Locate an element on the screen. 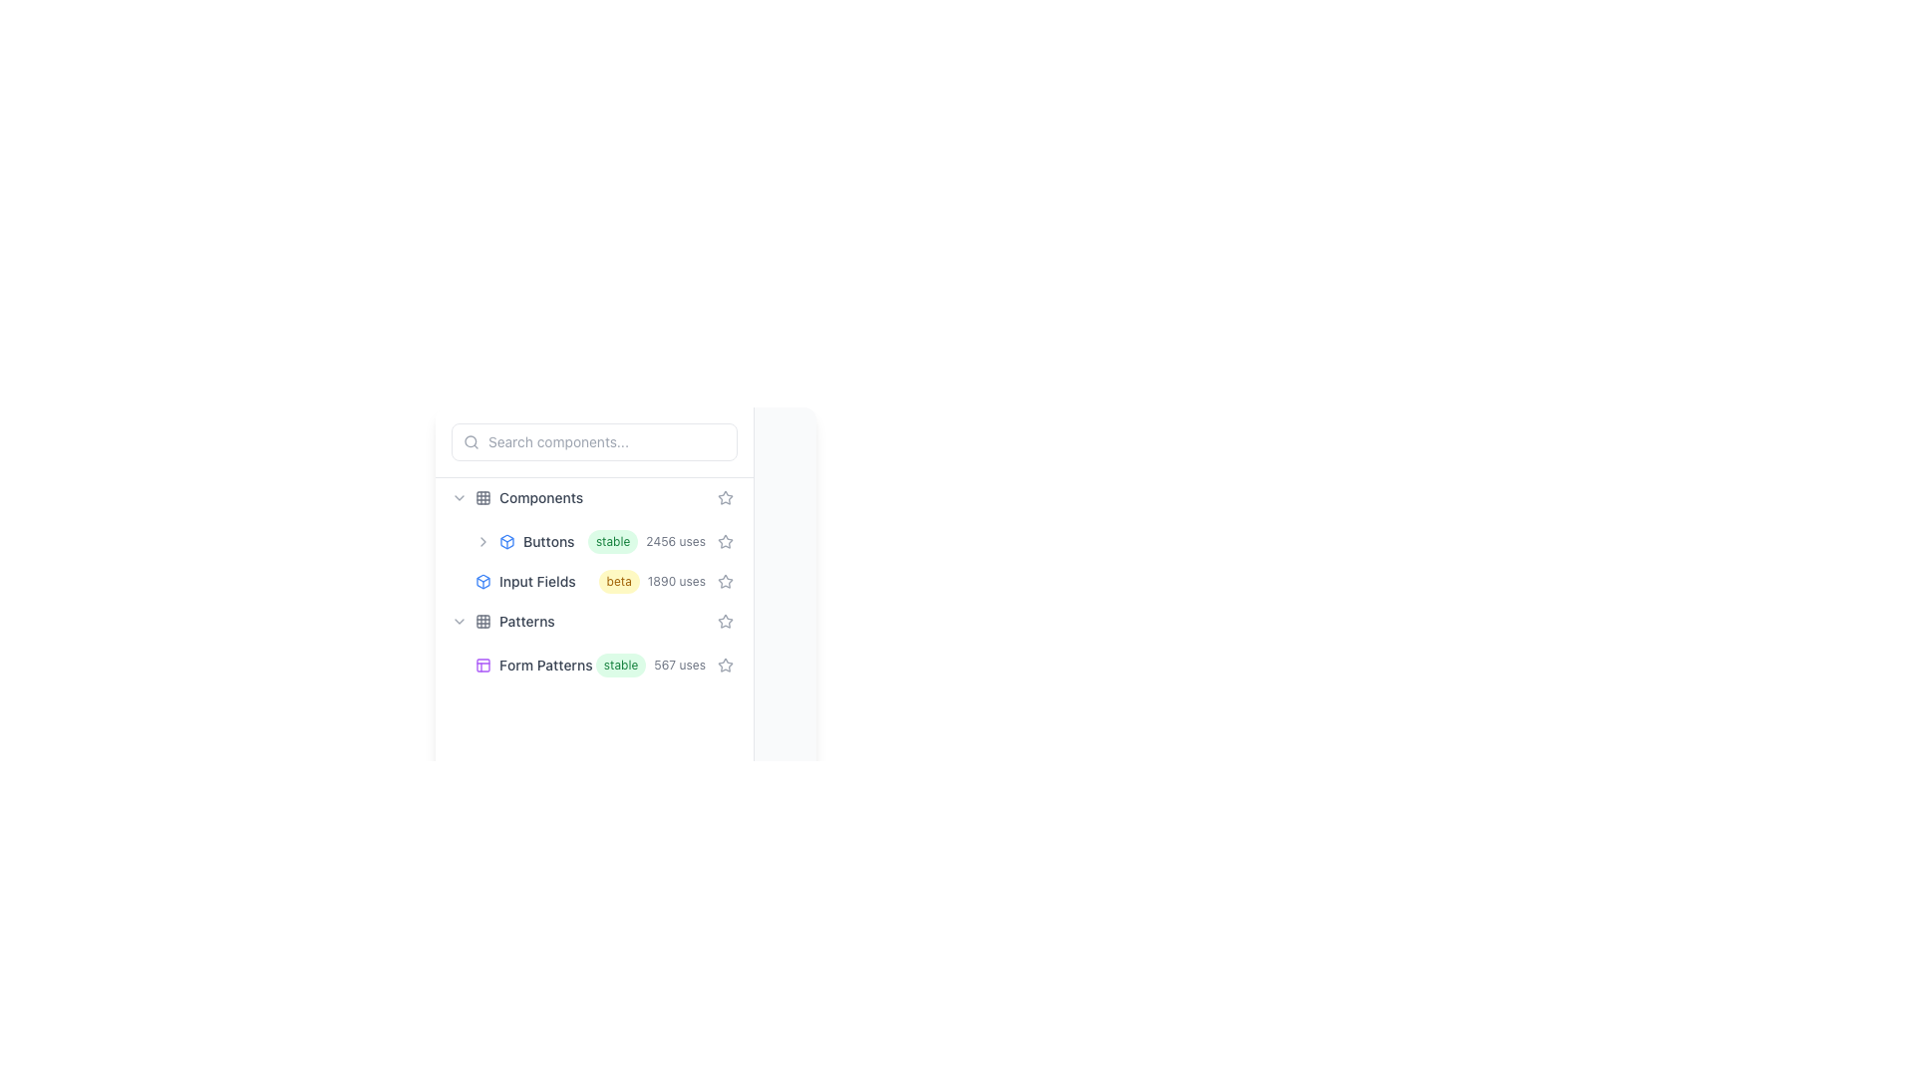  the static text label that indicates 'Input Fields', which is positioned under 'Buttons' and above 'Patterns' in the Components section of the user interface is located at coordinates (537, 581).